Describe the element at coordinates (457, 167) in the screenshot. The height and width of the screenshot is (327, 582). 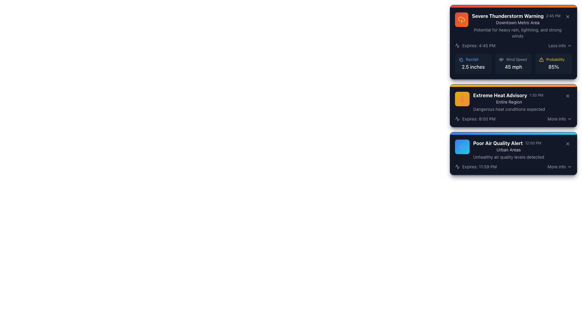
I see `the small waveform icon located on the left side of the notification card at the top of the vertical stack of cards` at that location.